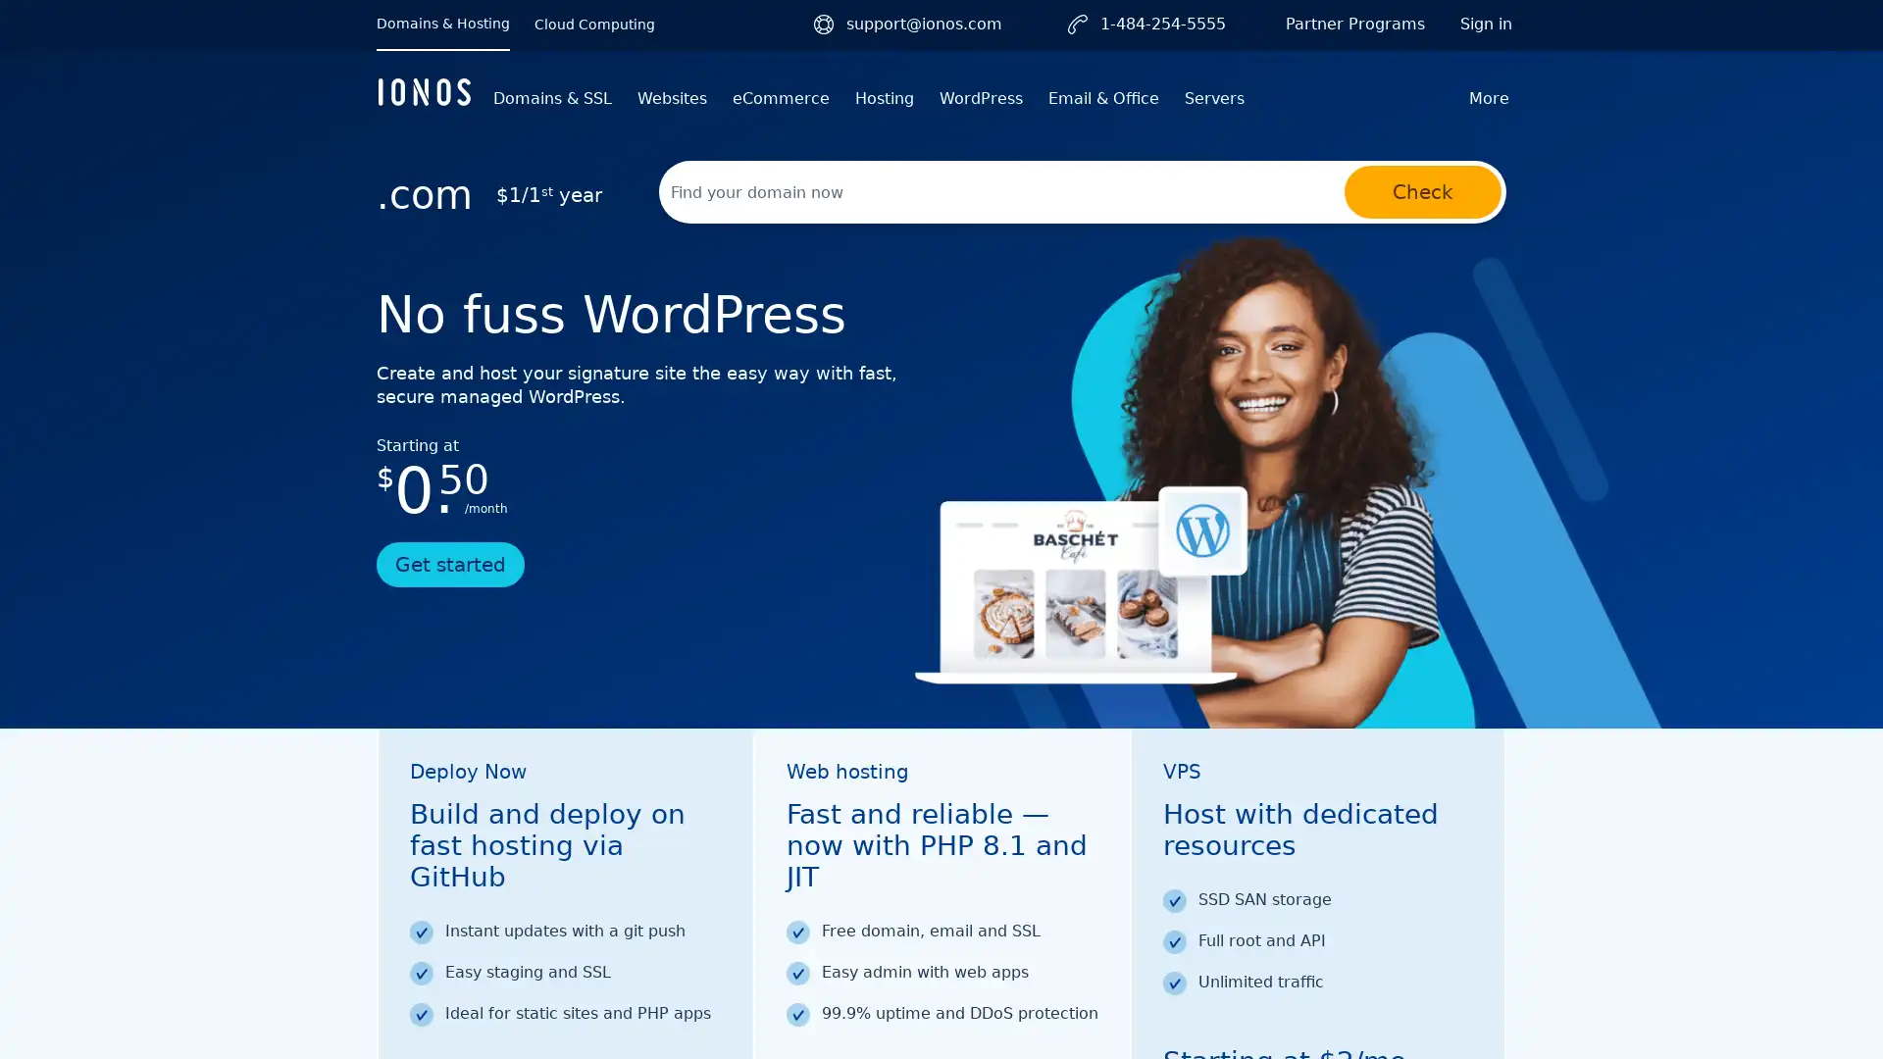  Describe the element at coordinates (1353, 24) in the screenshot. I see `Partner Programs` at that location.